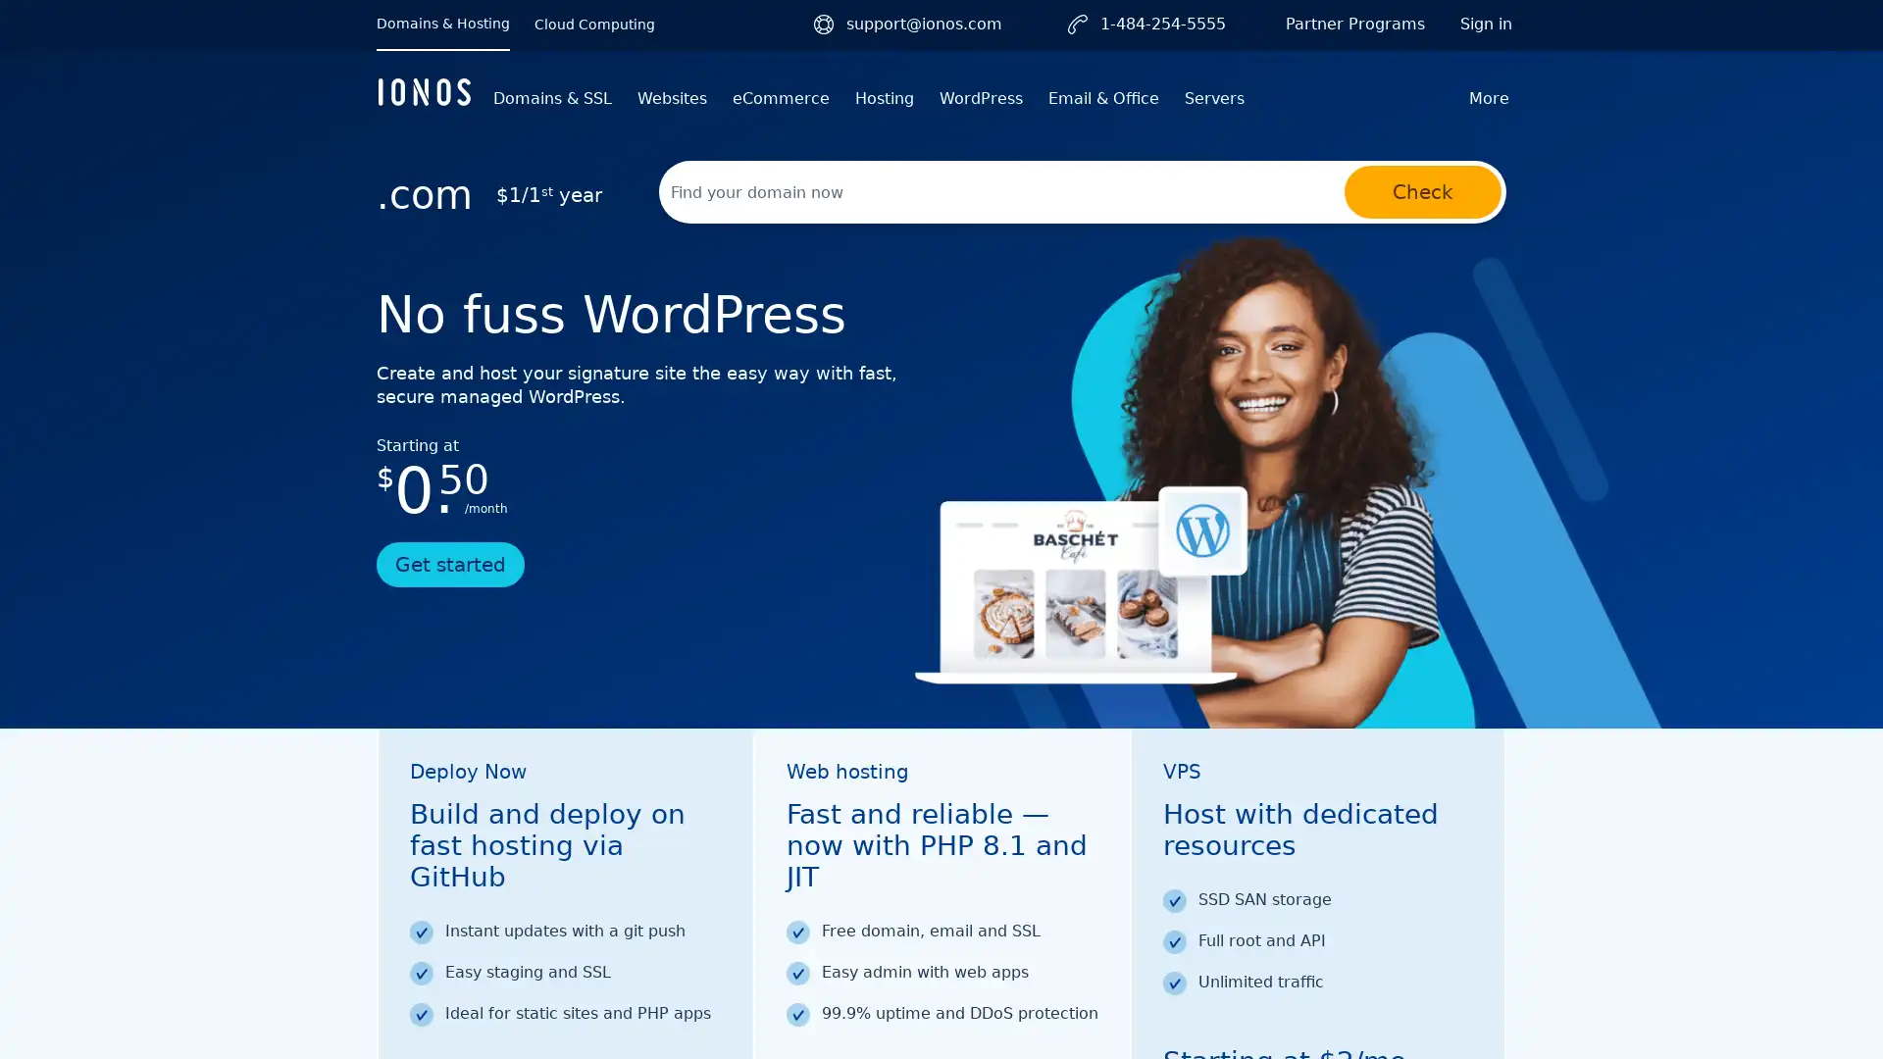  Describe the element at coordinates (1353, 24) in the screenshot. I see `Partner Programs` at that location.